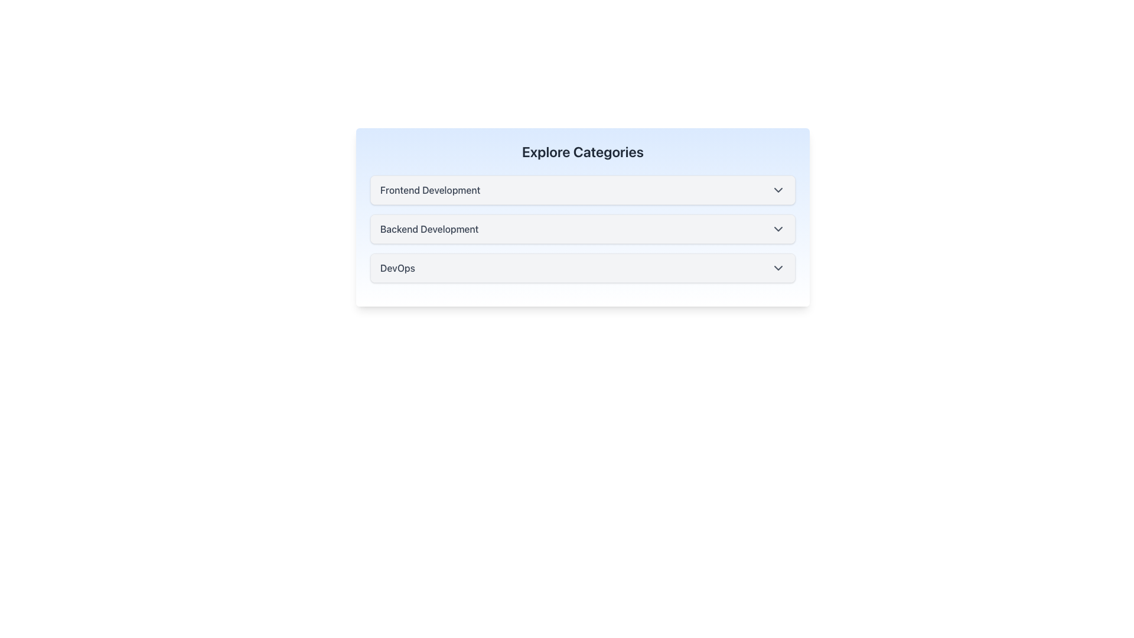 The image size is (1134, 638). I want to click on the small downward chevron icon in light gray color located at the far right end of the 'DevOps' selection bar, so click(778, 268).